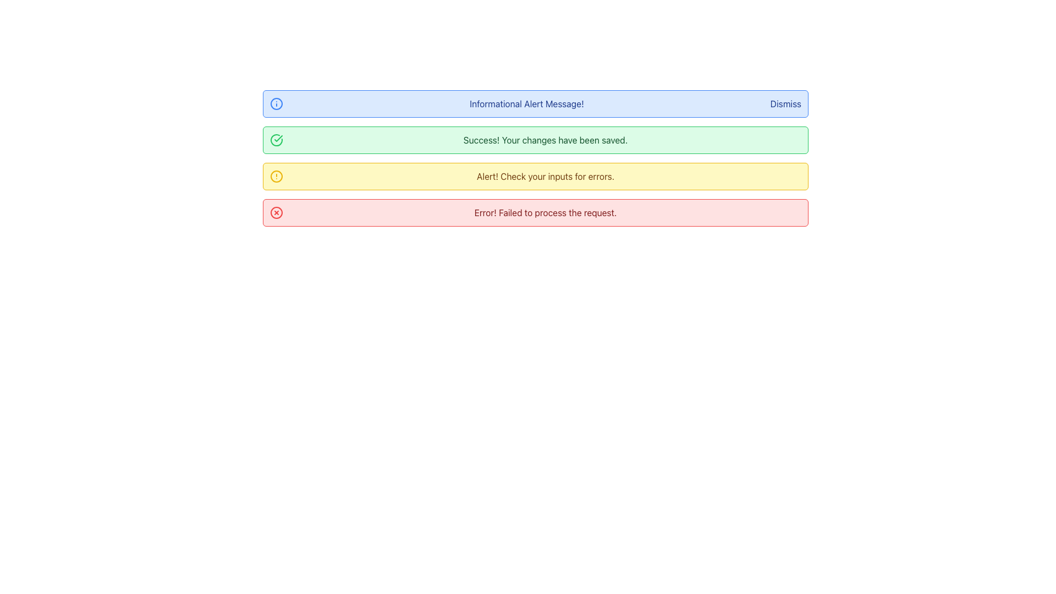  Describe the element at coordinates (277, 104) in the screenshot. I see `the small circular icon with a blue outline and a white background, located inside the blue header of the 'Informational Alert' message, to the left of the message text 'Informational Alert Message!'` at that location.